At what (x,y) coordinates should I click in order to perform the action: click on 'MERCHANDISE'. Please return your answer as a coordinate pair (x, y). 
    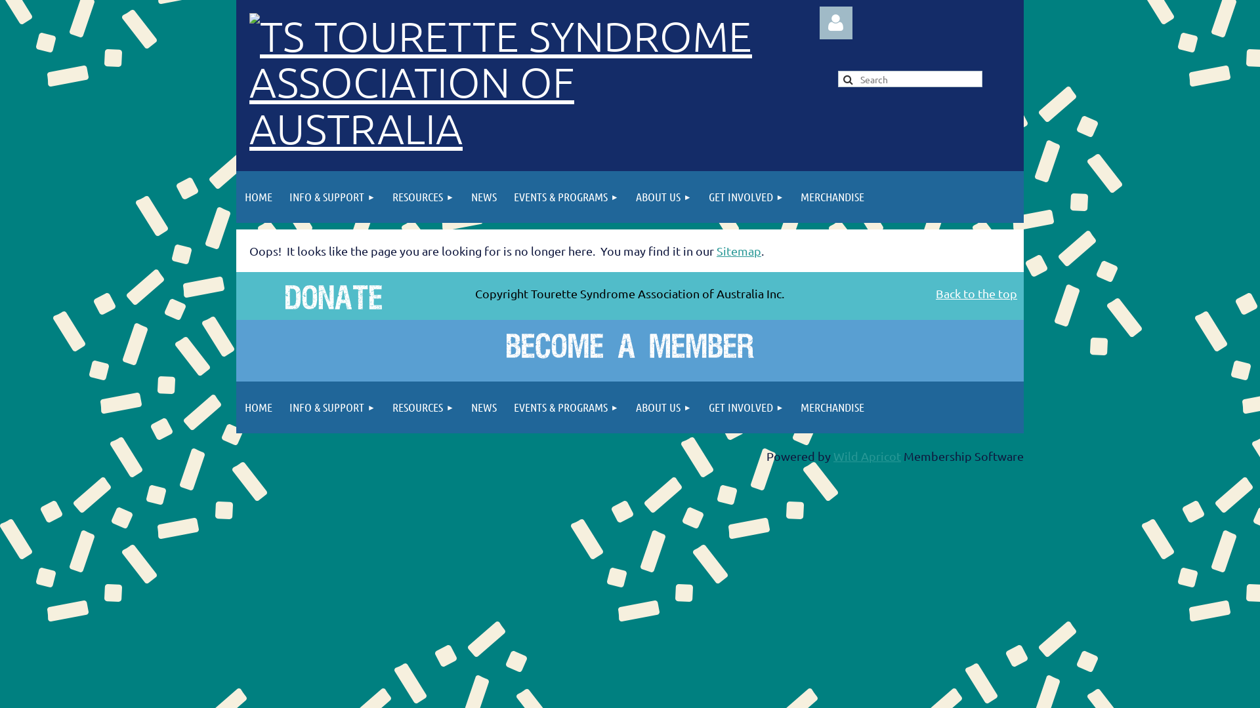
    Looking at the image, I should click on (831, 197).